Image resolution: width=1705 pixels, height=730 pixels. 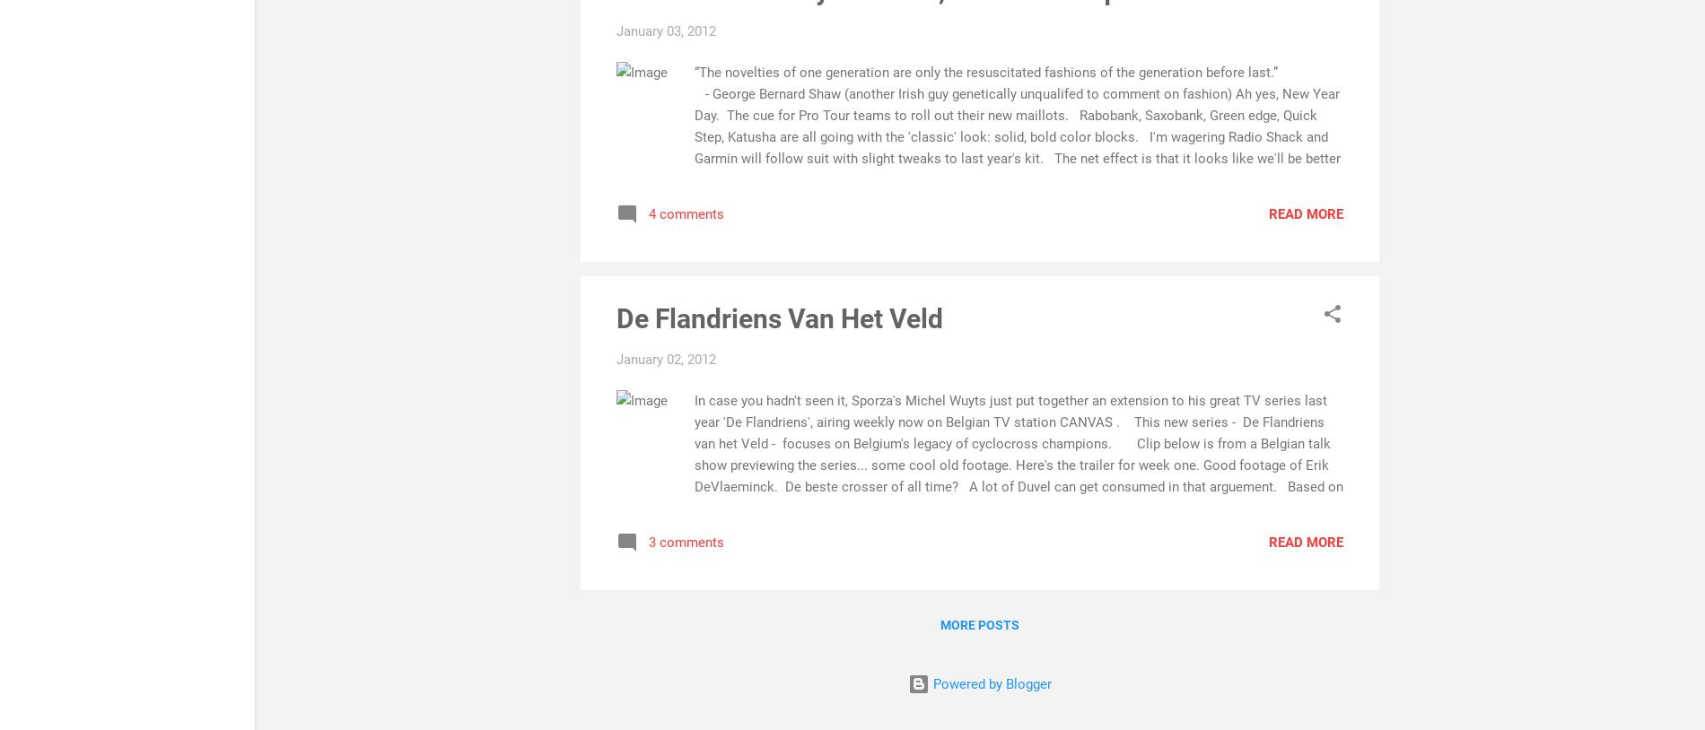 I want to click on 'January 02, 2012', so click(x=665, y=358).